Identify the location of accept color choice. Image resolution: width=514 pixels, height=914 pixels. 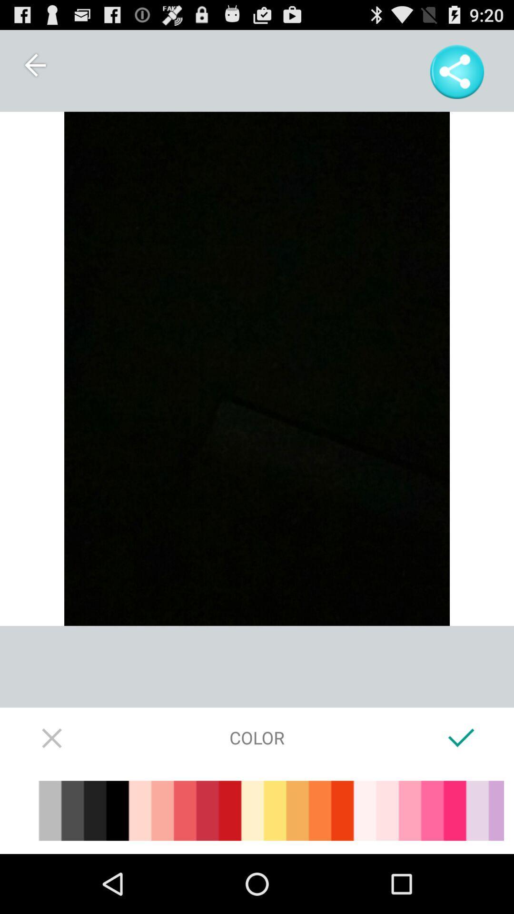
(461, 737).